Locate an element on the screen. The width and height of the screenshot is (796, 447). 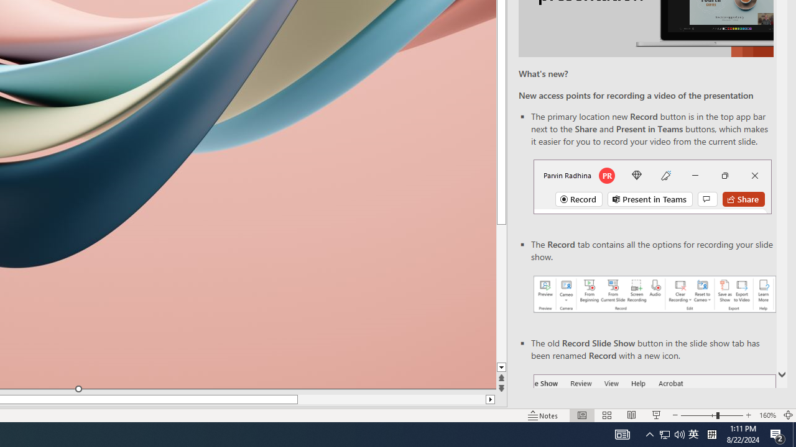
'Notes ' is located at coordinates (544, 415).